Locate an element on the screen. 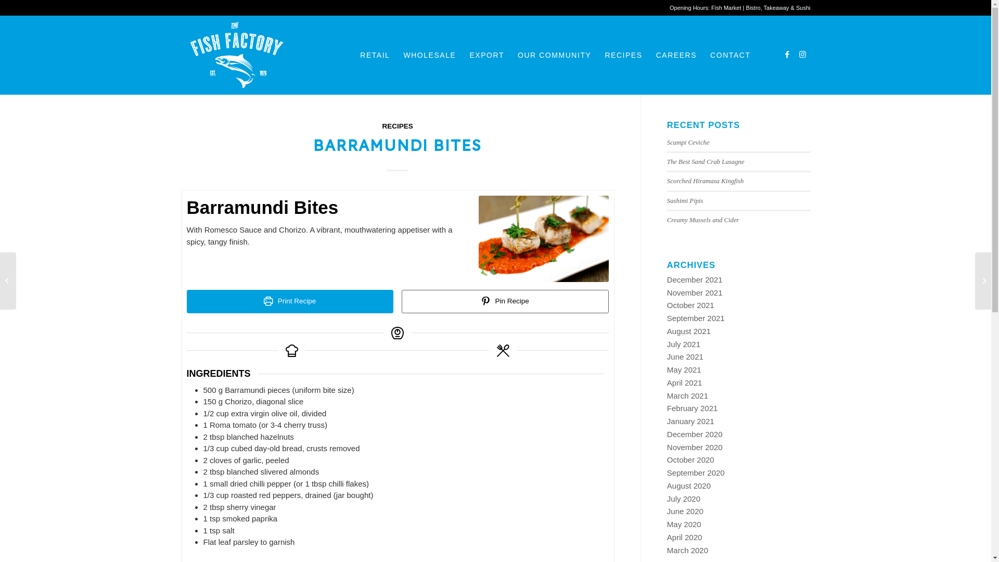  'January 2021' is located at coordinates (690, 420).